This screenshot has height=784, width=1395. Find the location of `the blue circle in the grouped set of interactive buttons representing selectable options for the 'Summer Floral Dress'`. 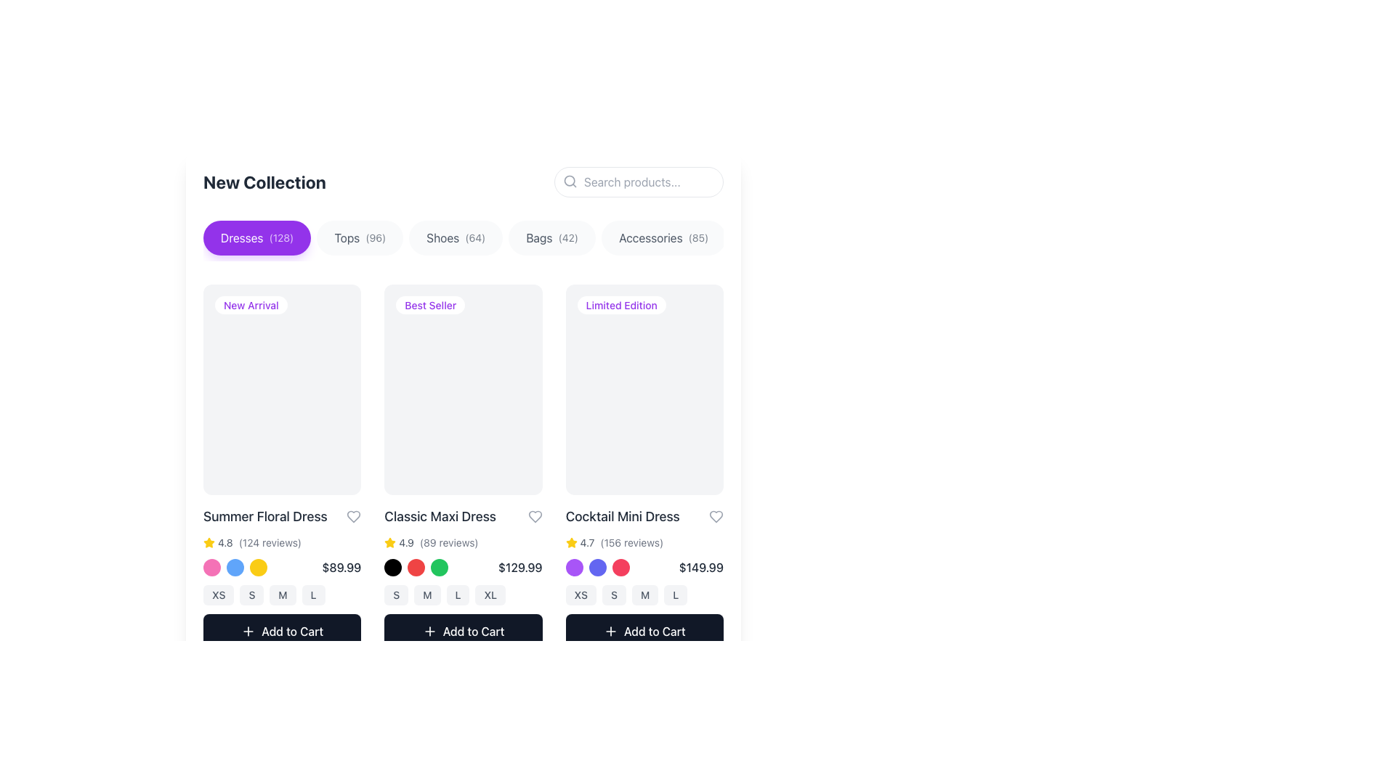

the blue circle in the grouped set of interactive buttons representing selectable options for the 'Summer Floral Dress' is located at coordinates (235, 565).